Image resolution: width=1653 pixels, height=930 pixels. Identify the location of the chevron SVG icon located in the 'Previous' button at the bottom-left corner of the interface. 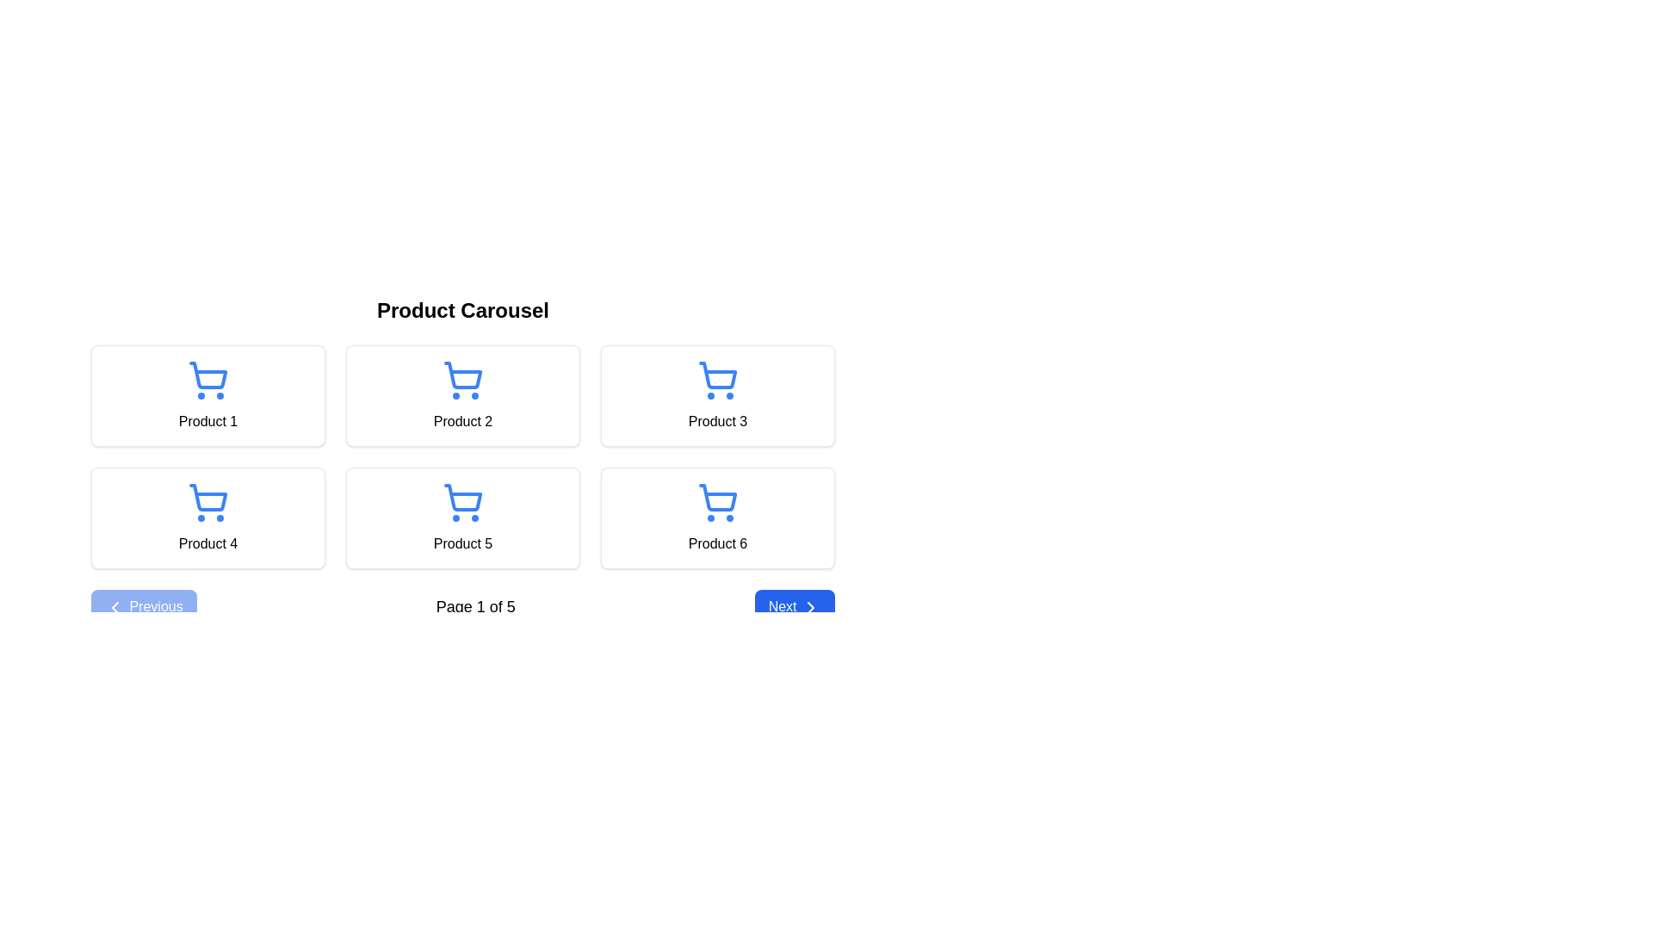
(115, 606).